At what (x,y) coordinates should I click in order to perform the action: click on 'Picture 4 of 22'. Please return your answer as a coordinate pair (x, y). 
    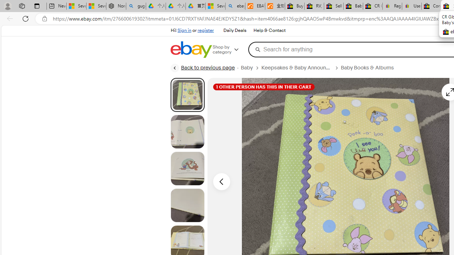
    Looking at the image, I should click on (187, 205).